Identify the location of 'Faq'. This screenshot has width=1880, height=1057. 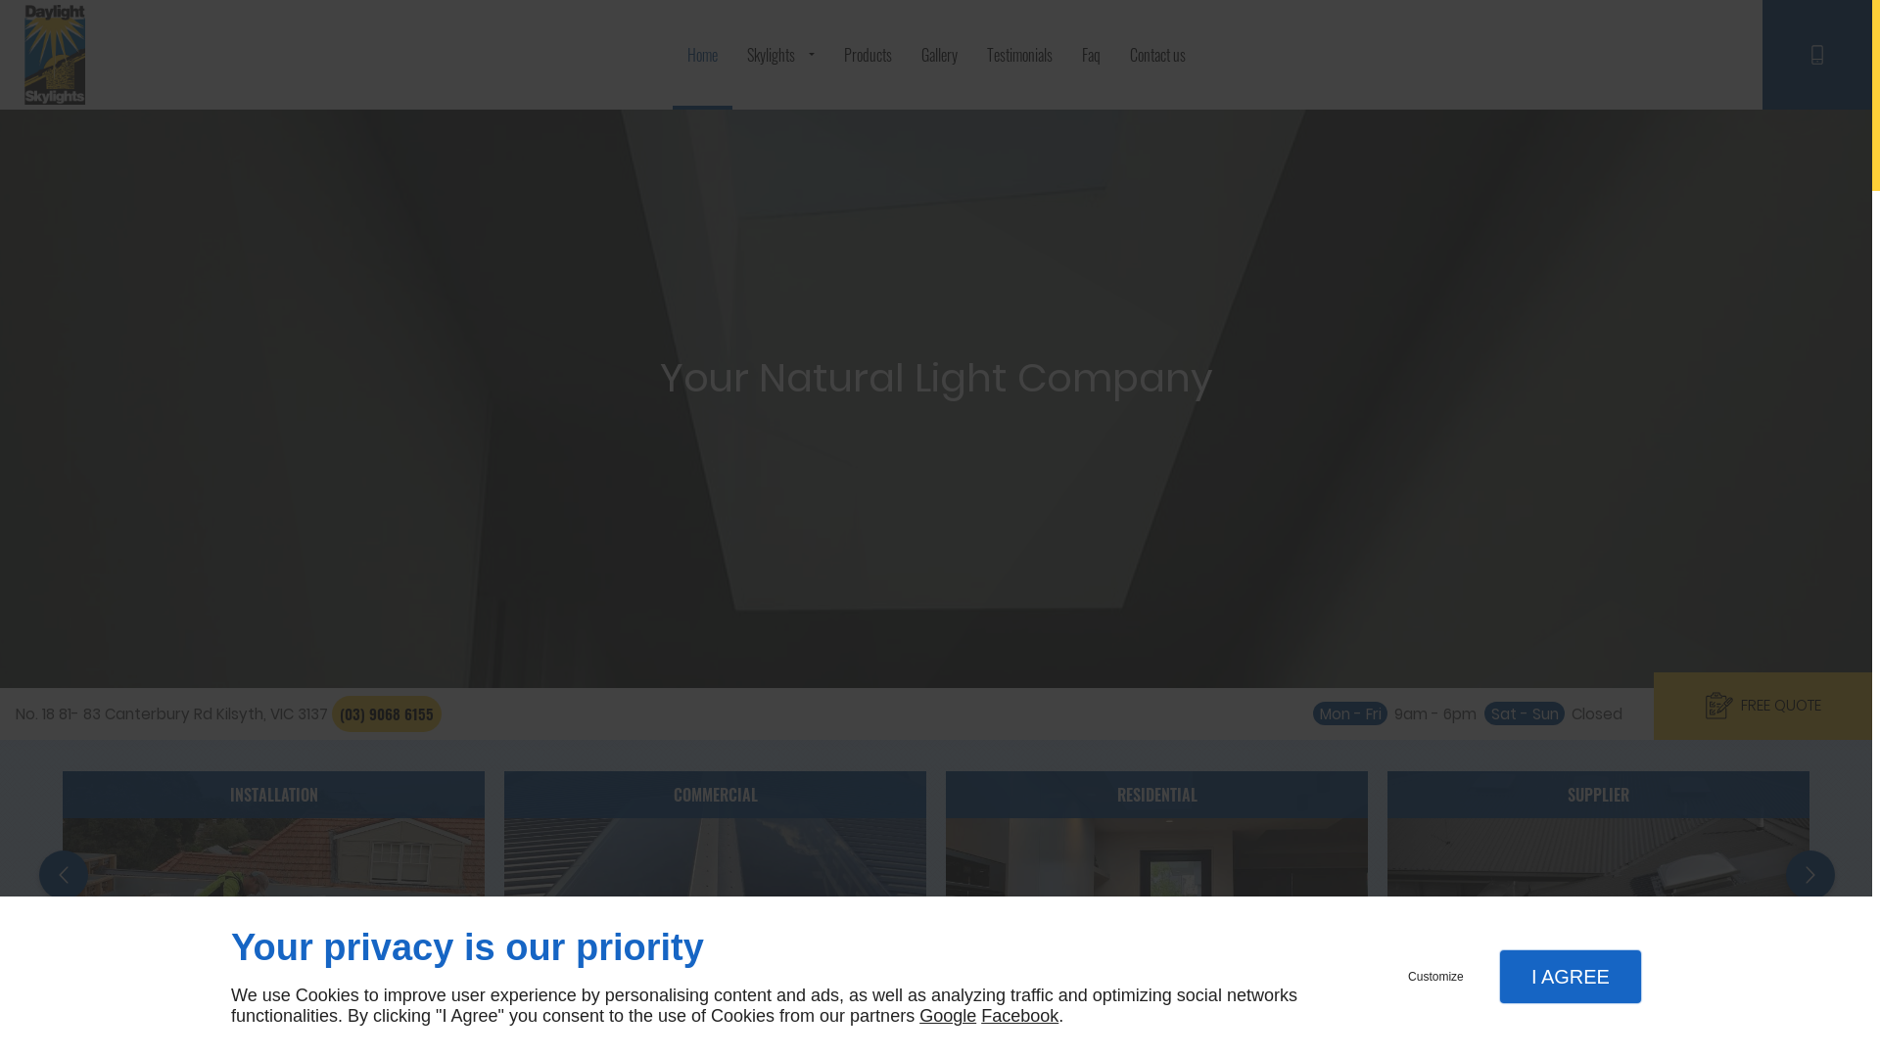
(1090, 54).